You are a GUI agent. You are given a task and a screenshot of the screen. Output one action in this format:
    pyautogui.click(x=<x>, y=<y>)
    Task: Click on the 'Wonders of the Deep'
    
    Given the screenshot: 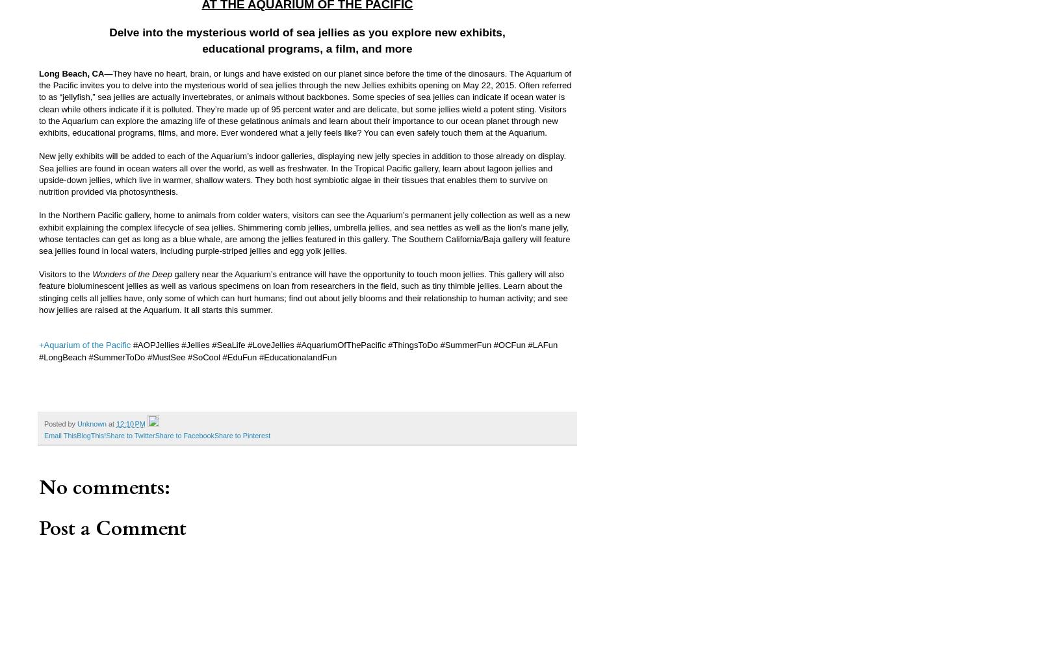 What is the action you would take?
    pyautogui.click(x=132, y=273)
    